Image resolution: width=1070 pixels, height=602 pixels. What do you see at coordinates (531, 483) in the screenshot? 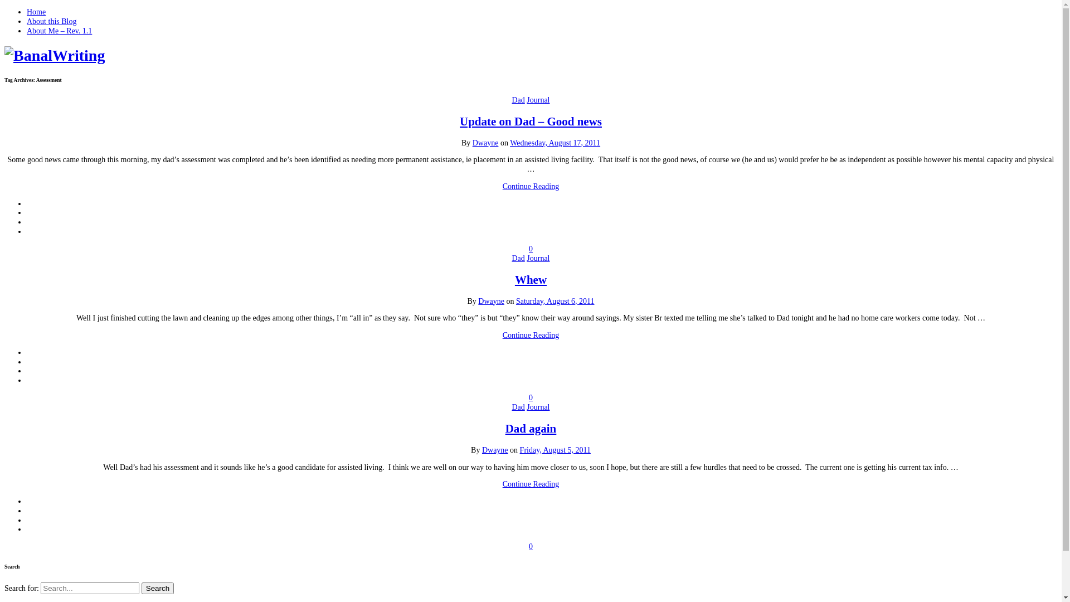
I see `'Continue Reading'` at bounding box center [531, 483].